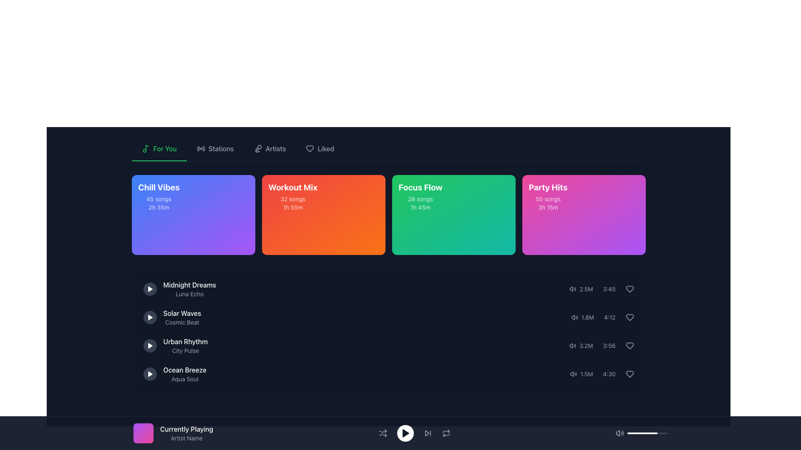 Image resolution: width=801 pixels, height=450 pixels. I want to click on the circular play button located immediately to the left of the text label 'Solar Waves' to initiate playback of the audio track, so click(150, 317).